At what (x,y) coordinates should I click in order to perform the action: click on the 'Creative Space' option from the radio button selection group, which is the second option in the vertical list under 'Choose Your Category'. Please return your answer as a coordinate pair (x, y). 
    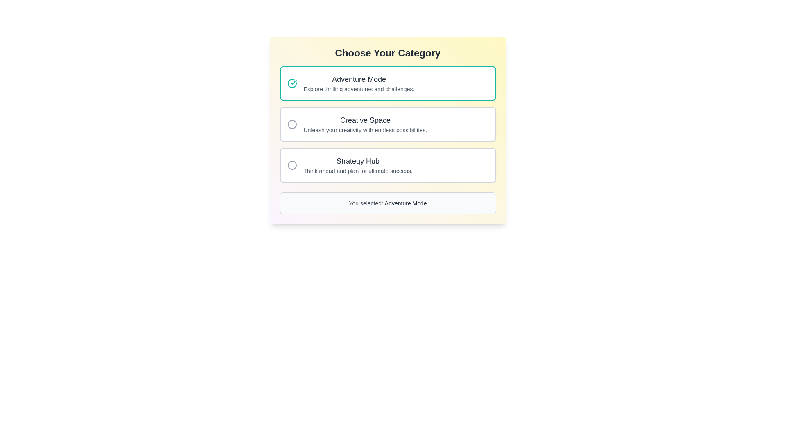
    Looking at the image, I should click on (387, 124).